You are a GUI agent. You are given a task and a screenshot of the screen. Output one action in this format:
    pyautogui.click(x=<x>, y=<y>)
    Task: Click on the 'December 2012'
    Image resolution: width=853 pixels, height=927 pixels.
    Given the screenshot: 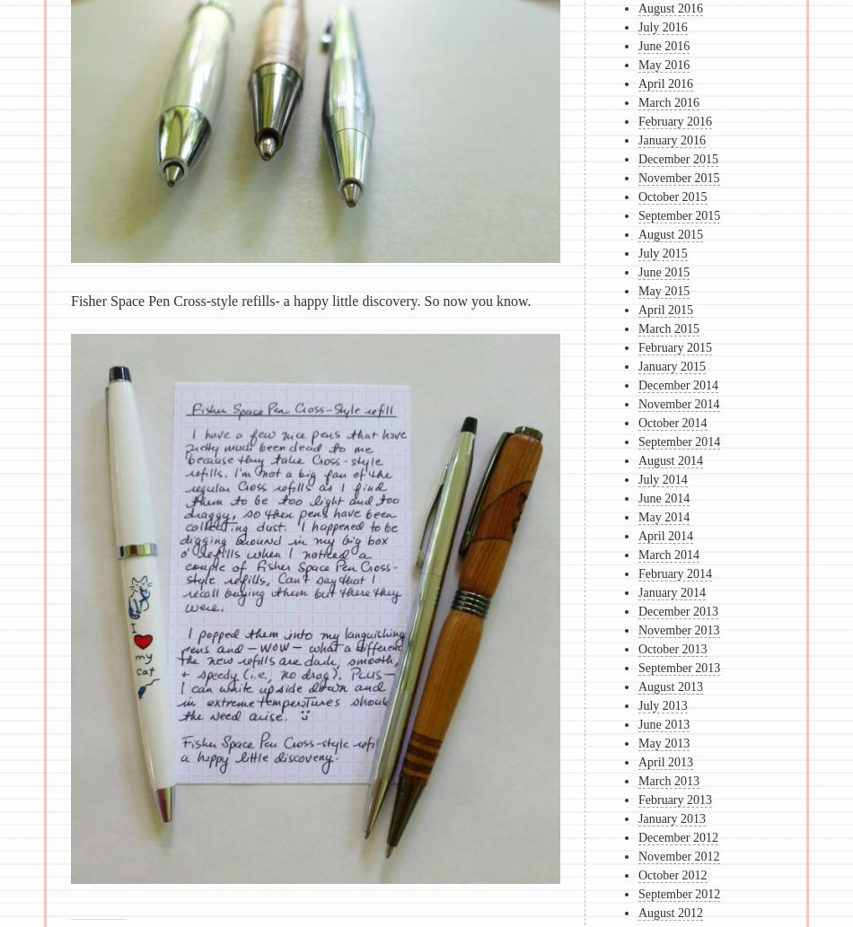 What is the action you would take?
    pyautogui.click(x=676, y=836)
    